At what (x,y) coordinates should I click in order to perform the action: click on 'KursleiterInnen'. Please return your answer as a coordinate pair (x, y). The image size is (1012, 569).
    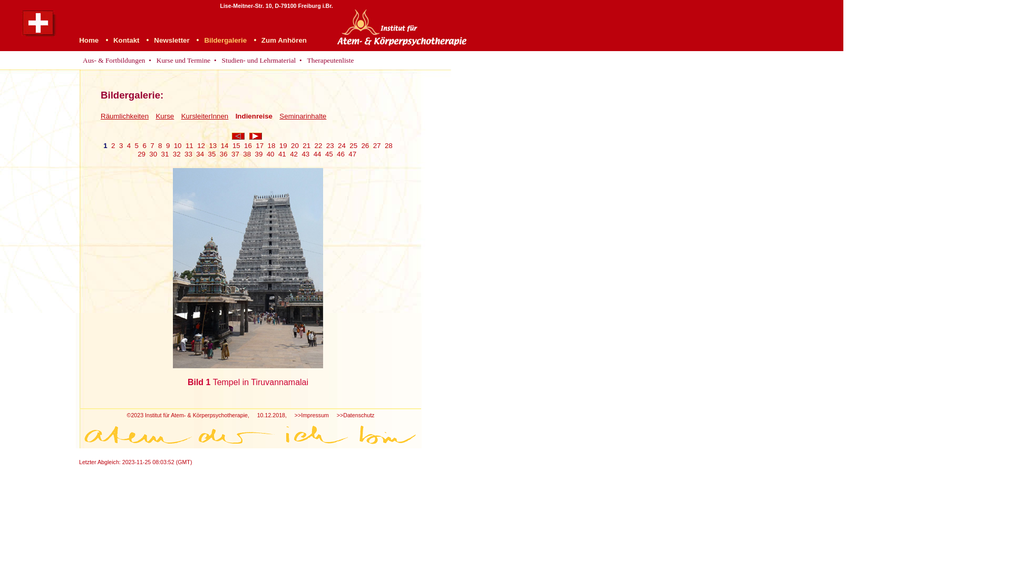
    Looking at the image, I should click on (205, 116).